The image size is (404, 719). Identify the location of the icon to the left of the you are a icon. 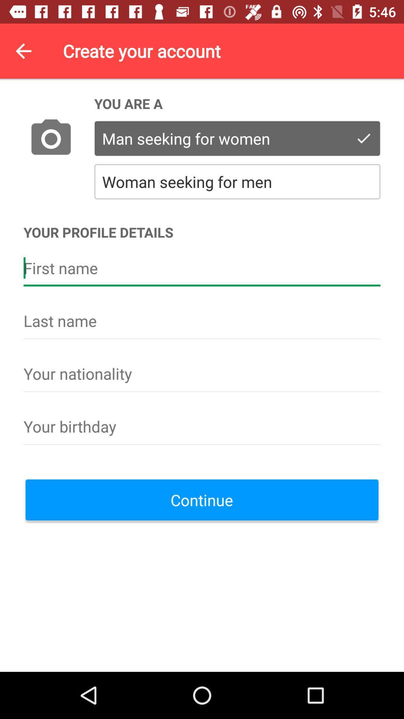
(50, 139).